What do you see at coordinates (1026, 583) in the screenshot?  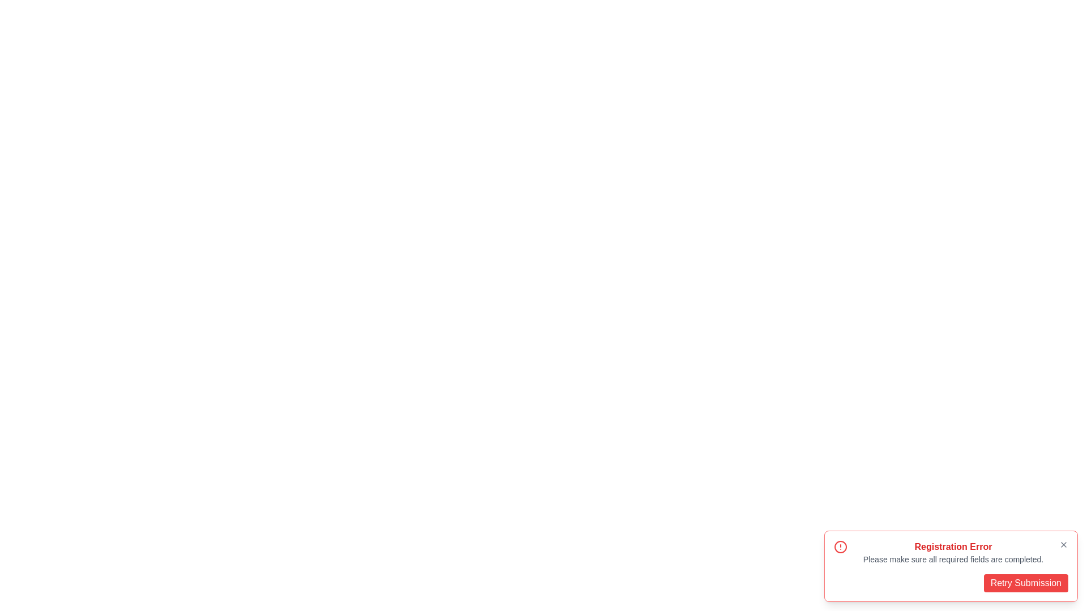 I see `the confirmation or retry button located at the bottom right corner of the modal dialog to change its color` at bounding box center [1026, 583].